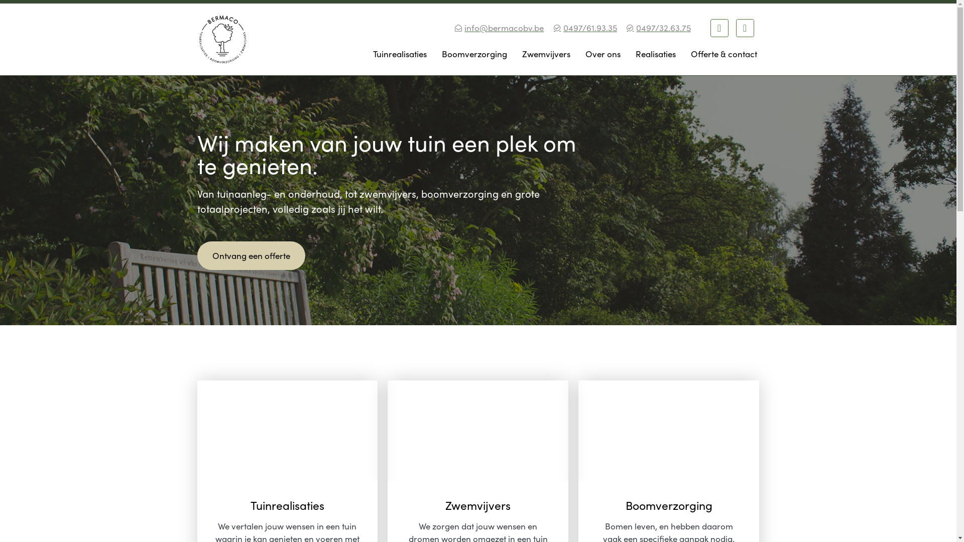 The height and width of the screenshot is (542, 964). What do you see at coordinates (197, 255) in the screenshot?
I see `'Ontvang een offerte'` at bounding box center [197, 255].